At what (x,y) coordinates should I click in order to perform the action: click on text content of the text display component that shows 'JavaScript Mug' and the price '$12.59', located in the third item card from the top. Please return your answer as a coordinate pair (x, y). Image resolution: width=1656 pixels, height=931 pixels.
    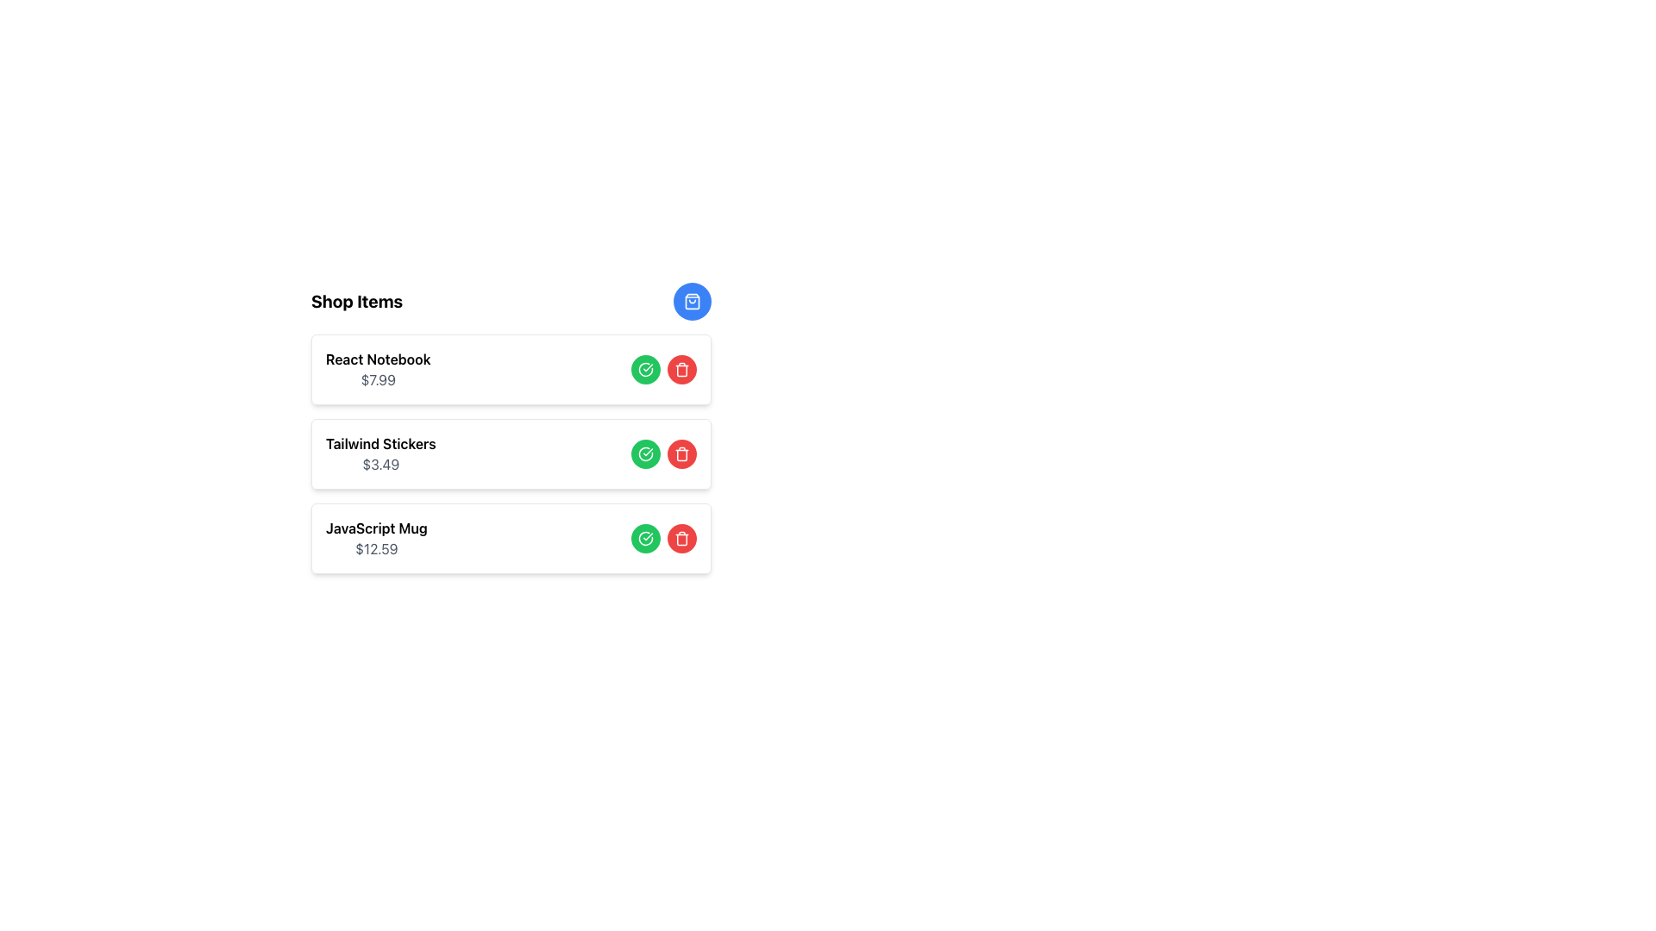
    Looking at the image, I should click on (375, 537).